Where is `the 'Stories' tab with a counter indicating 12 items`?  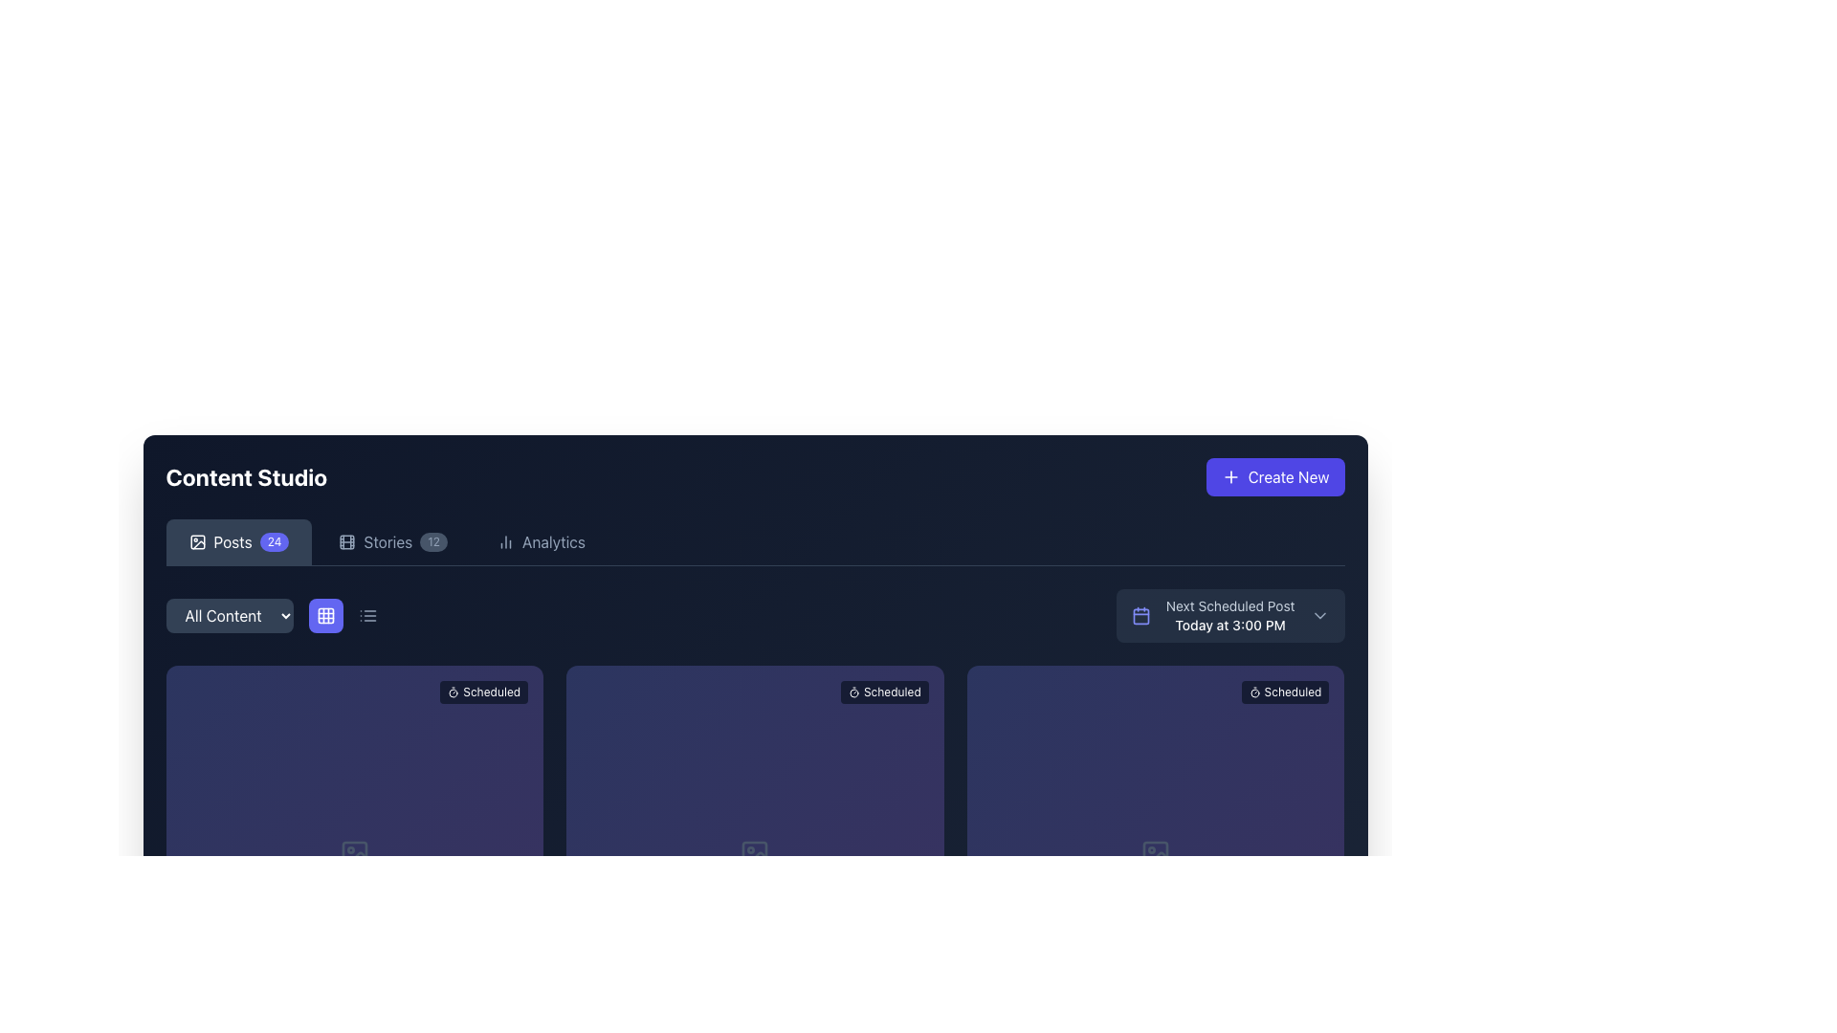
the 'Stories' tab with a counter indicating 12 items is located at coordinates (392, 542).